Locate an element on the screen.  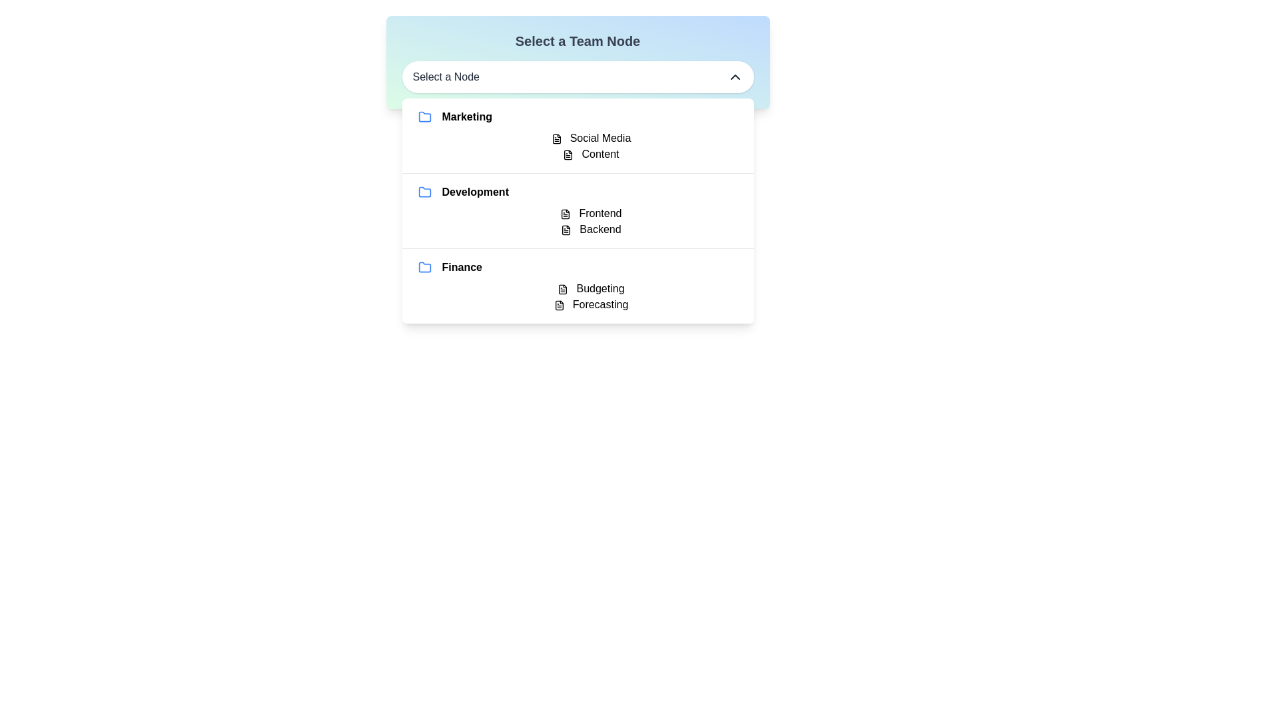
the first row in the dropdown menu labeled 'Marketing' is located at coordinates (578, 136).